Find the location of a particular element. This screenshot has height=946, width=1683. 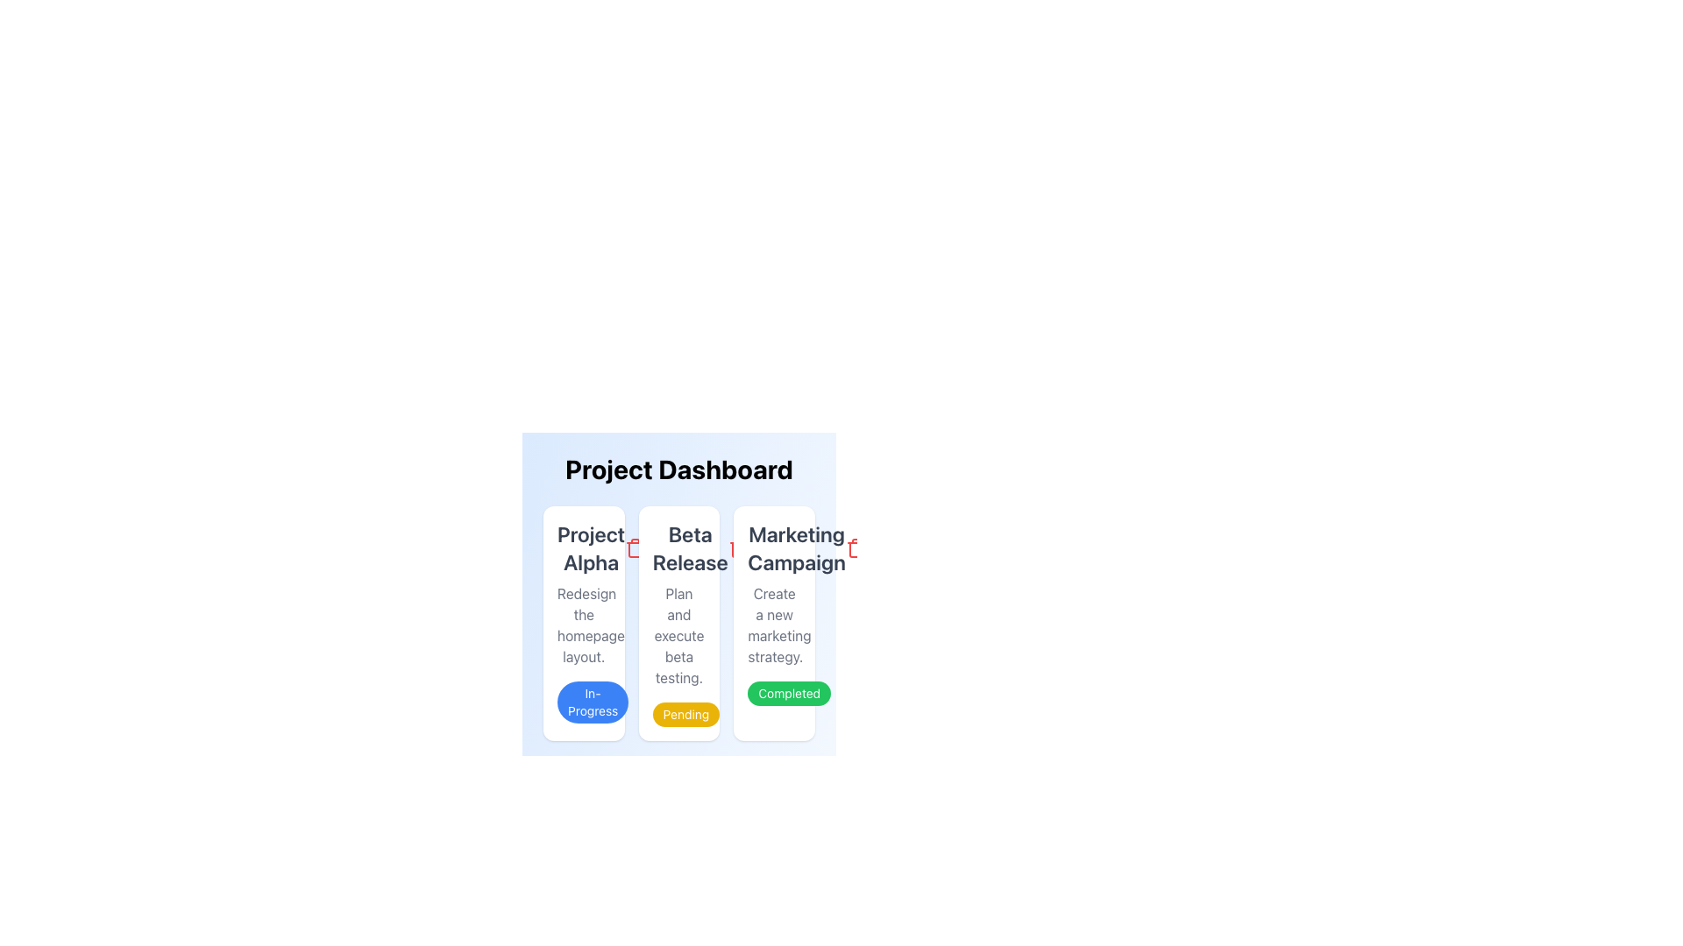

the status label styled in yellow with the text 'Pending' on the card UI component located in the middle column of the grid under the 'Project Dashboard' heading is located at coordinates (678, 623).